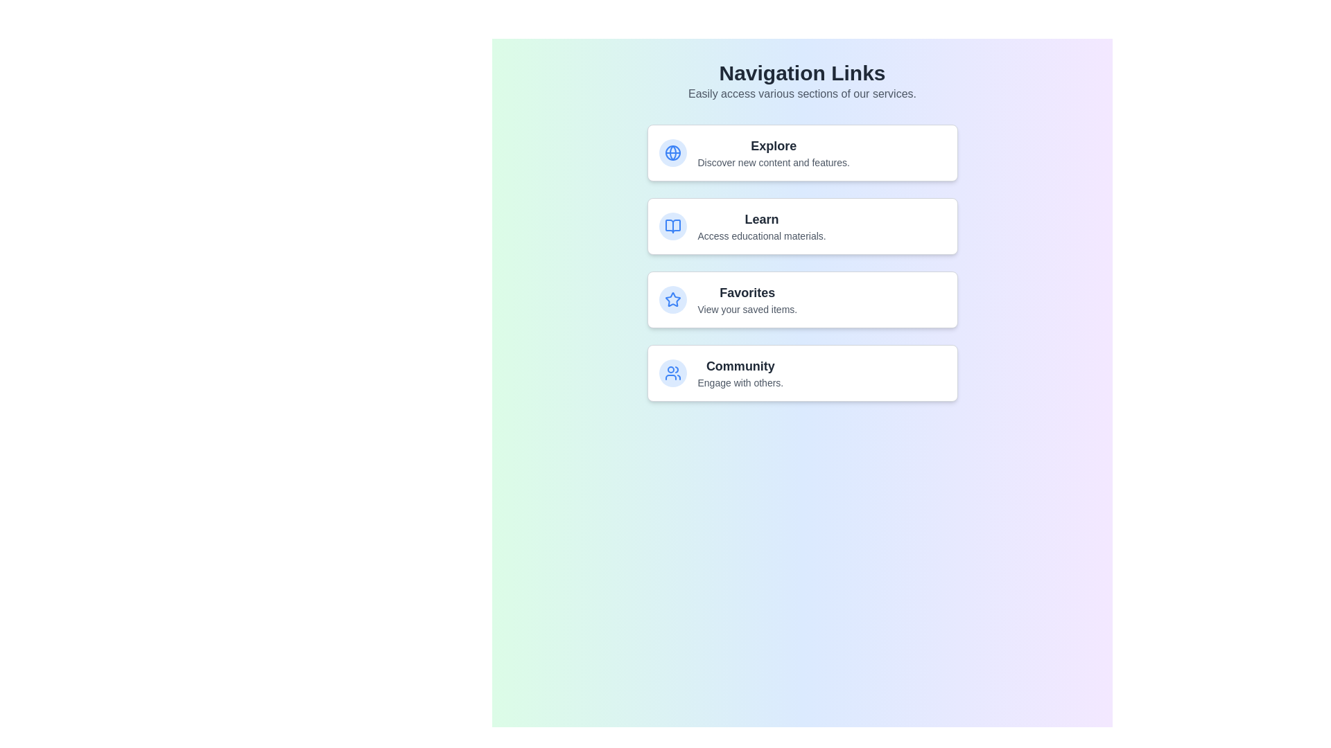 This screenshot has height=748, width=1331. Describe the element at coordinates (672, 152) in the screenshot. I see `the 'Explore' icon located at the top left corner of the 'Explore' section card, positioned directly above the text 'Explore'` at that location.